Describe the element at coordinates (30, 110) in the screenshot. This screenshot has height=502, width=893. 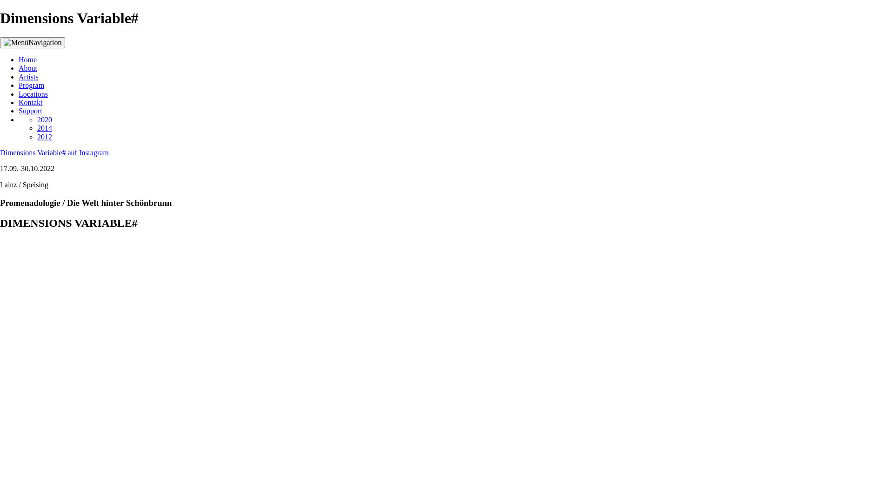
I see `'Support'` at that location.